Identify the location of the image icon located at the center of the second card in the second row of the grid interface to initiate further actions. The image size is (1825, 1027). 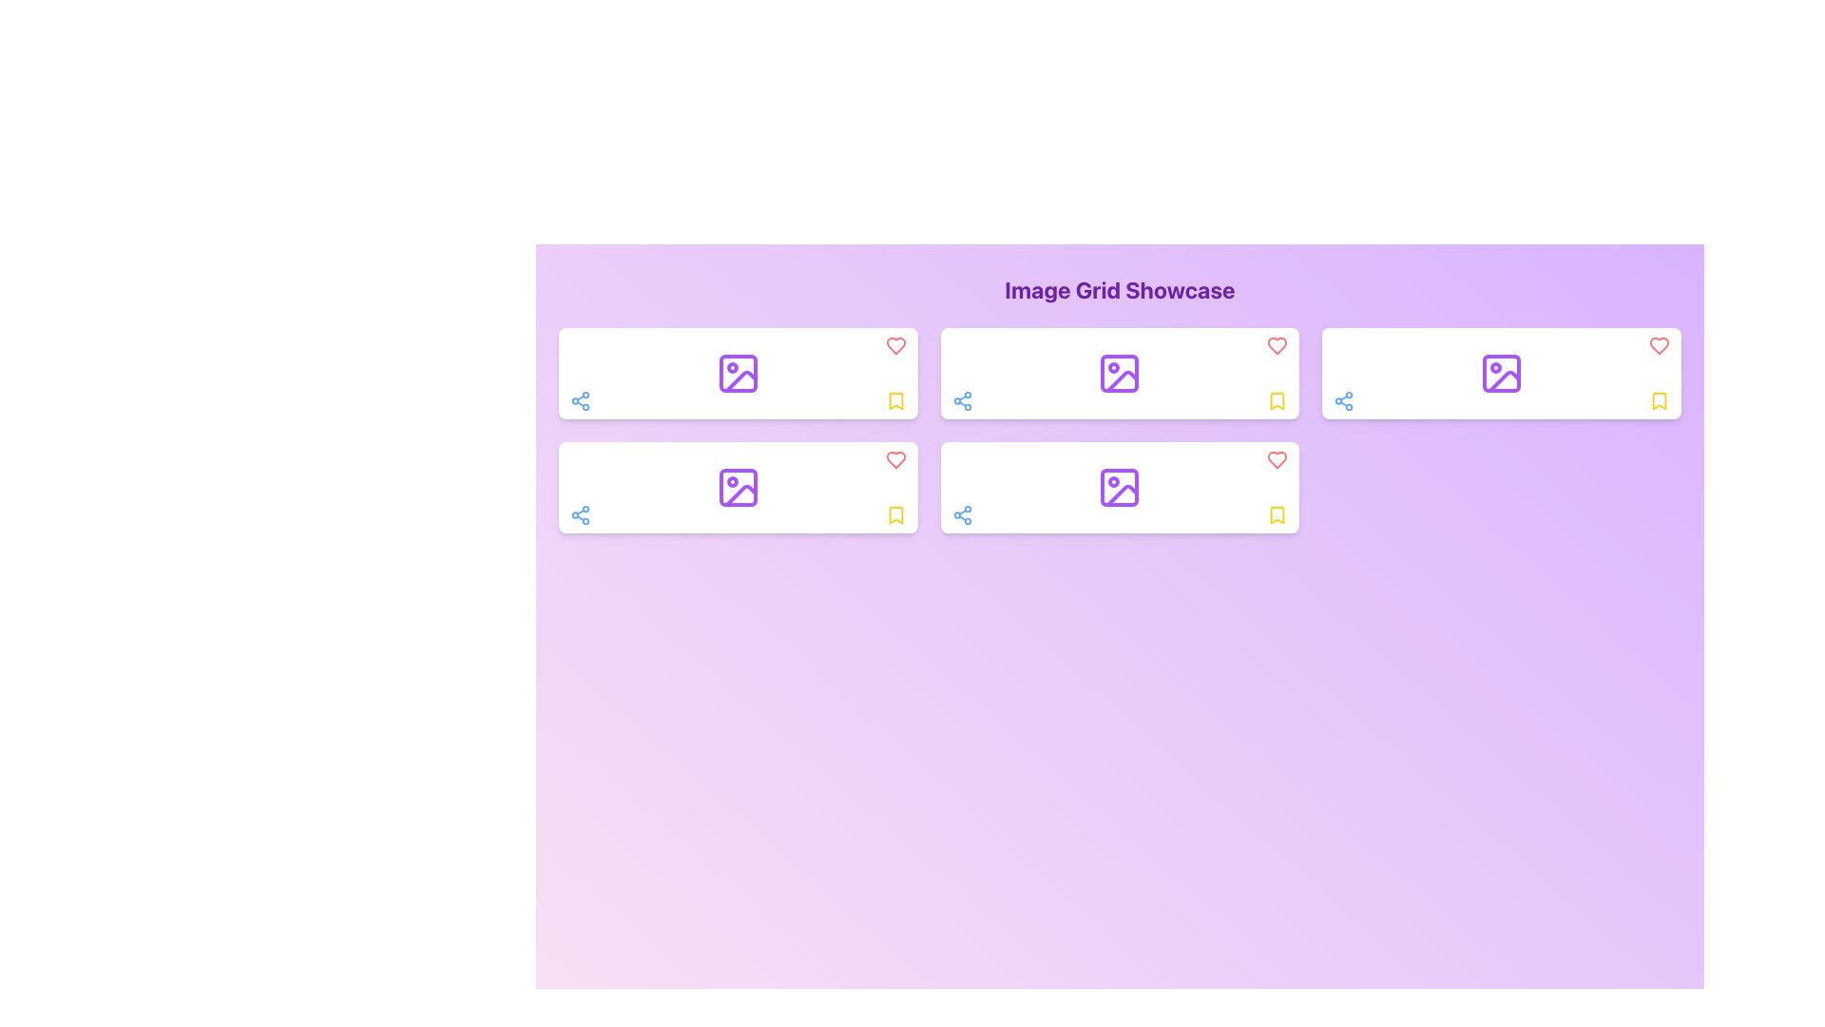
(737, 487).